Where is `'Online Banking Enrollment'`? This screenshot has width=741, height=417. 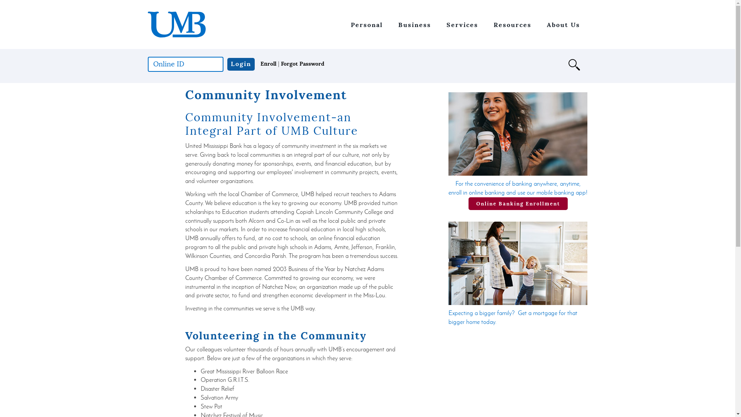
'Online Banking Enrollment' is located at coordinates (468, 203).